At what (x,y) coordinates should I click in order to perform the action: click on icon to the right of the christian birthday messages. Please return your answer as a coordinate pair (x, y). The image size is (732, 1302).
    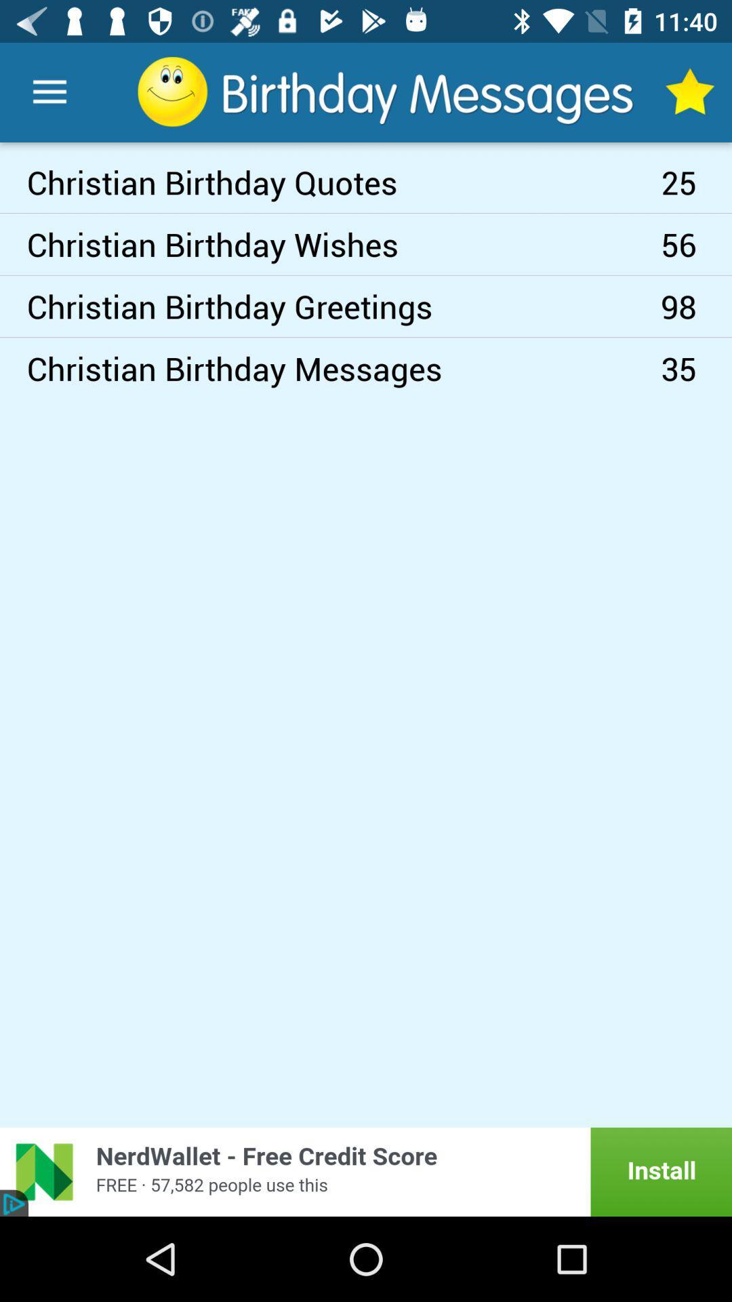
    Looking at the image, I should click on (696, 368).